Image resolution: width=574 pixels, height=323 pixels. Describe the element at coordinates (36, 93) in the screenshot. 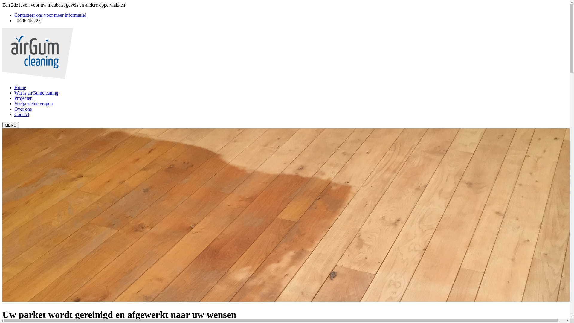

I see `'Wat is airGumcleaning'` at that location.